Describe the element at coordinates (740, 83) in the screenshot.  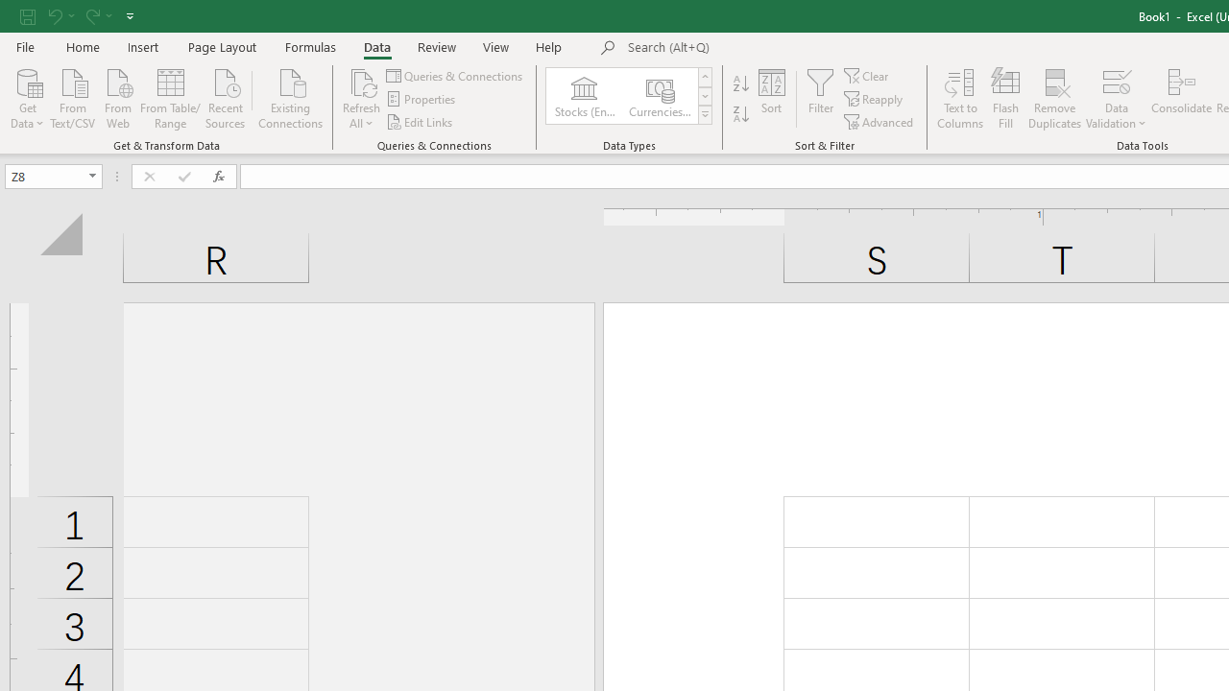
I see `'Sort A to Z'` at that location.